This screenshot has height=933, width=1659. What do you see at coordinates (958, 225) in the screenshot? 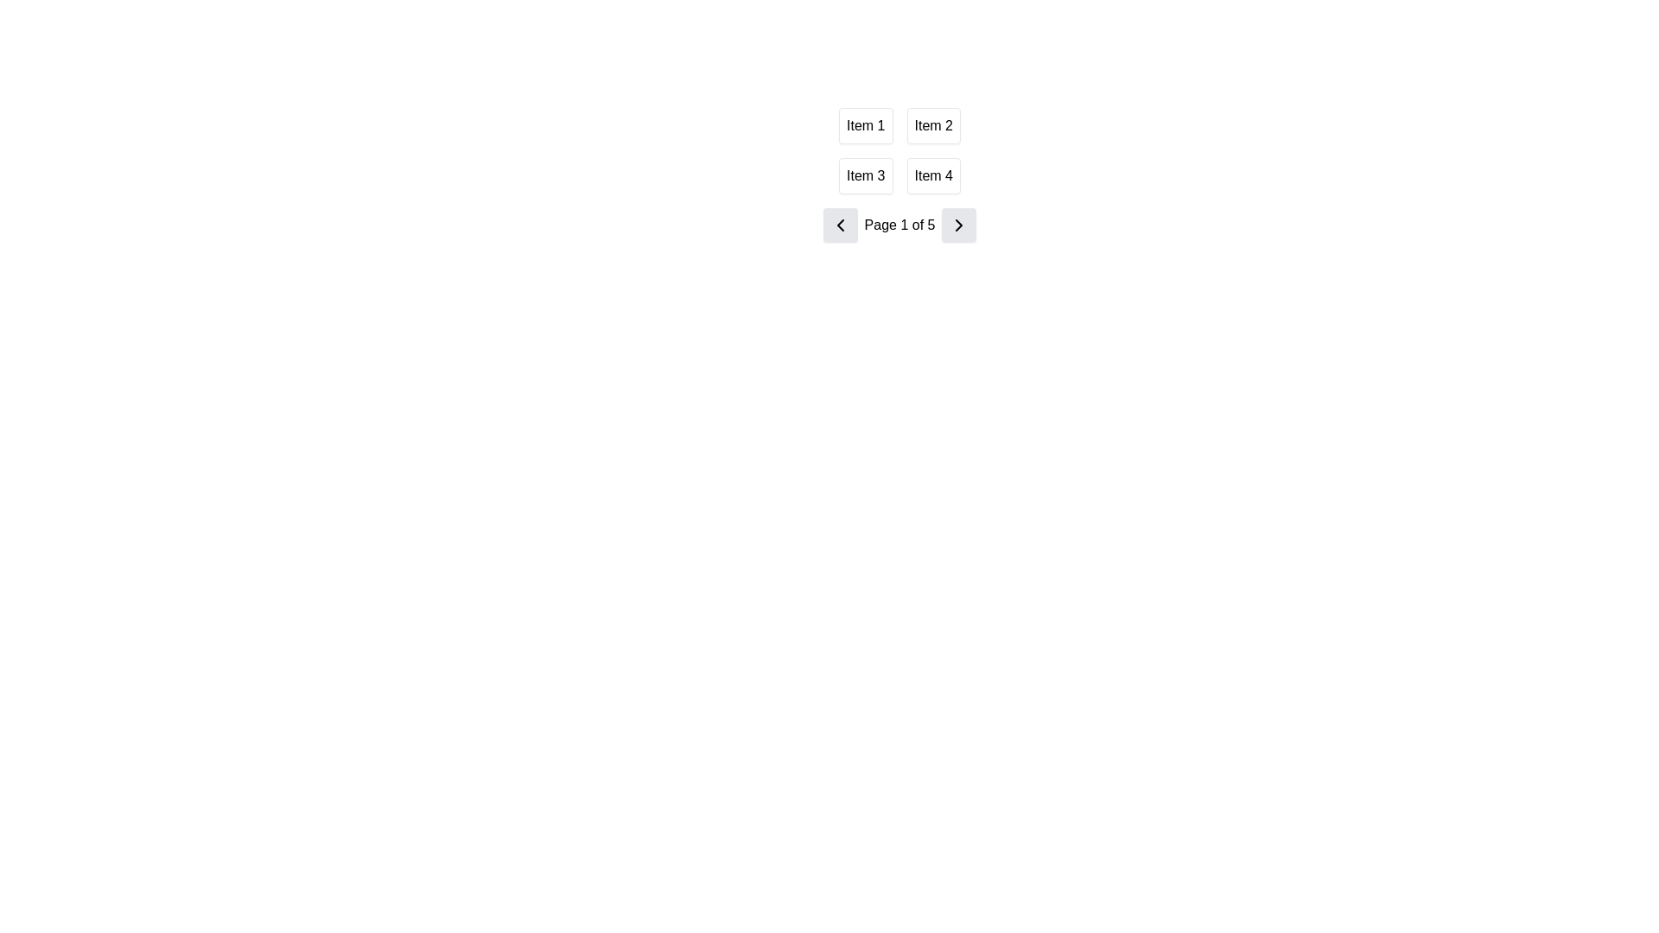
I see `the button located at the far right of the pagination control` at bounding box center [958, 225].